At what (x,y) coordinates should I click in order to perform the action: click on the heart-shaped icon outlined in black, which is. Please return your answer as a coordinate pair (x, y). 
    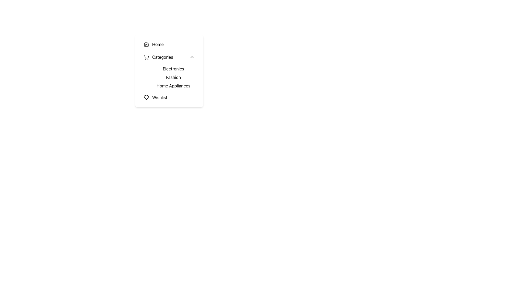
    Looking at the image, I should click on (146, 97).